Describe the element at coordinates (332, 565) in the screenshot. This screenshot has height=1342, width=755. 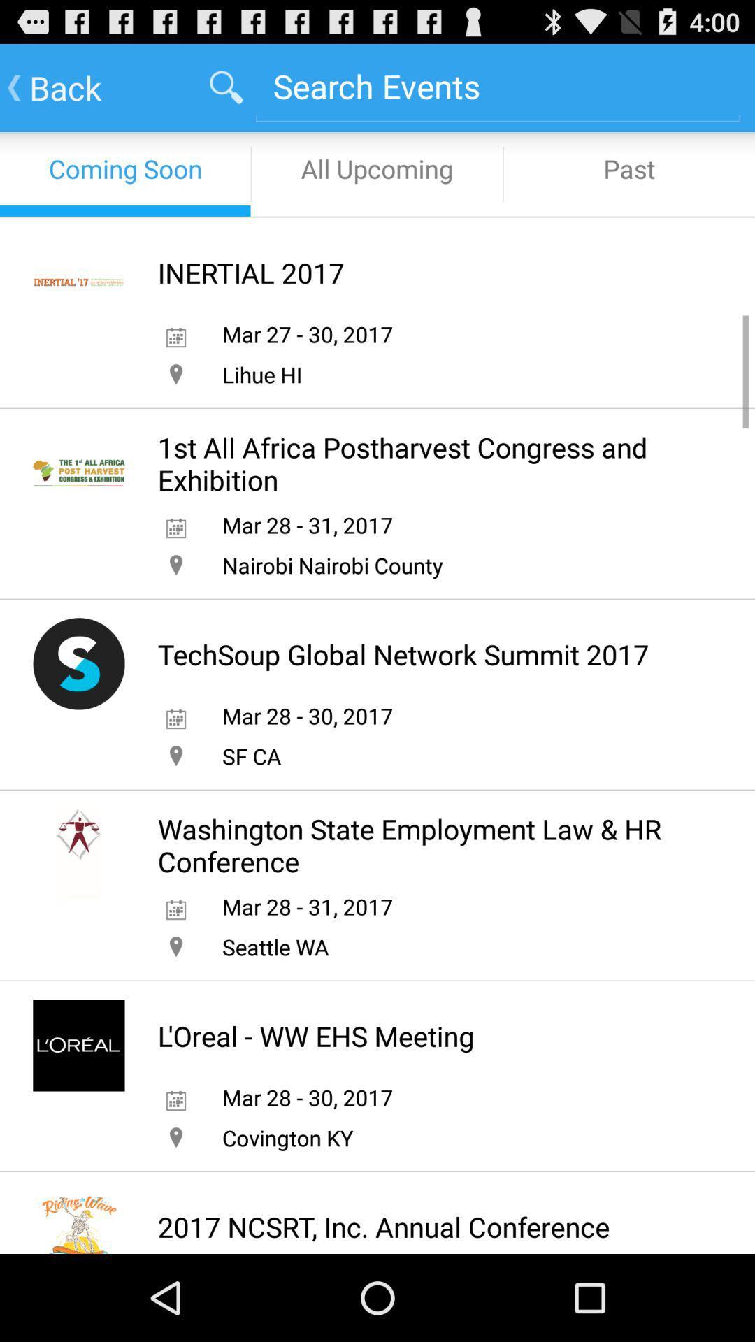
I see `icon below mar 28 31` at that location.